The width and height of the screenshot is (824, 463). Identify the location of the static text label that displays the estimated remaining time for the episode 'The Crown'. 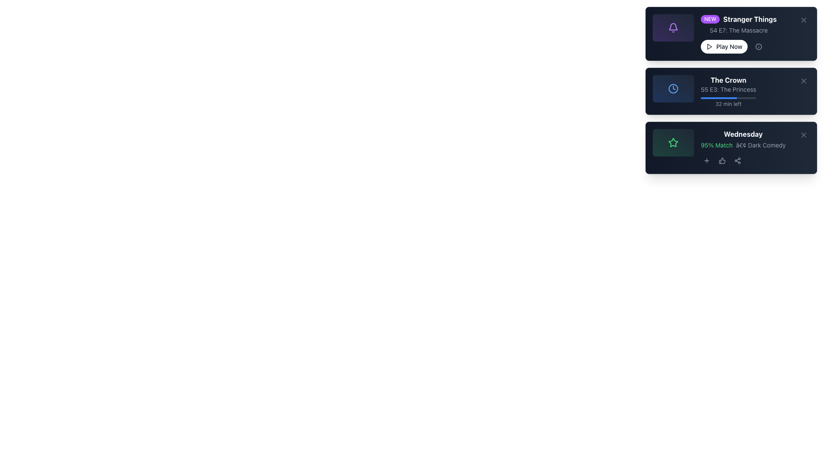
(728, 104).